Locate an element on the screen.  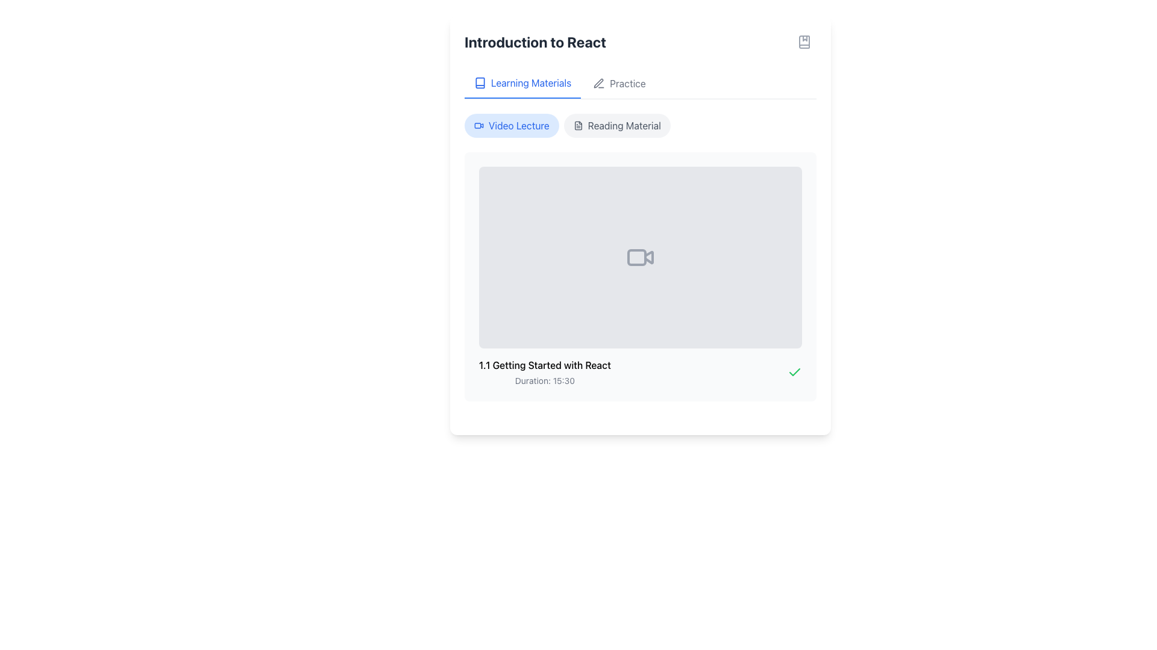
the 'Video Lecture' button icon, which serves as a visual identifier for video content, located in the upper-left section of the interface is located at coordinates (478, 125).